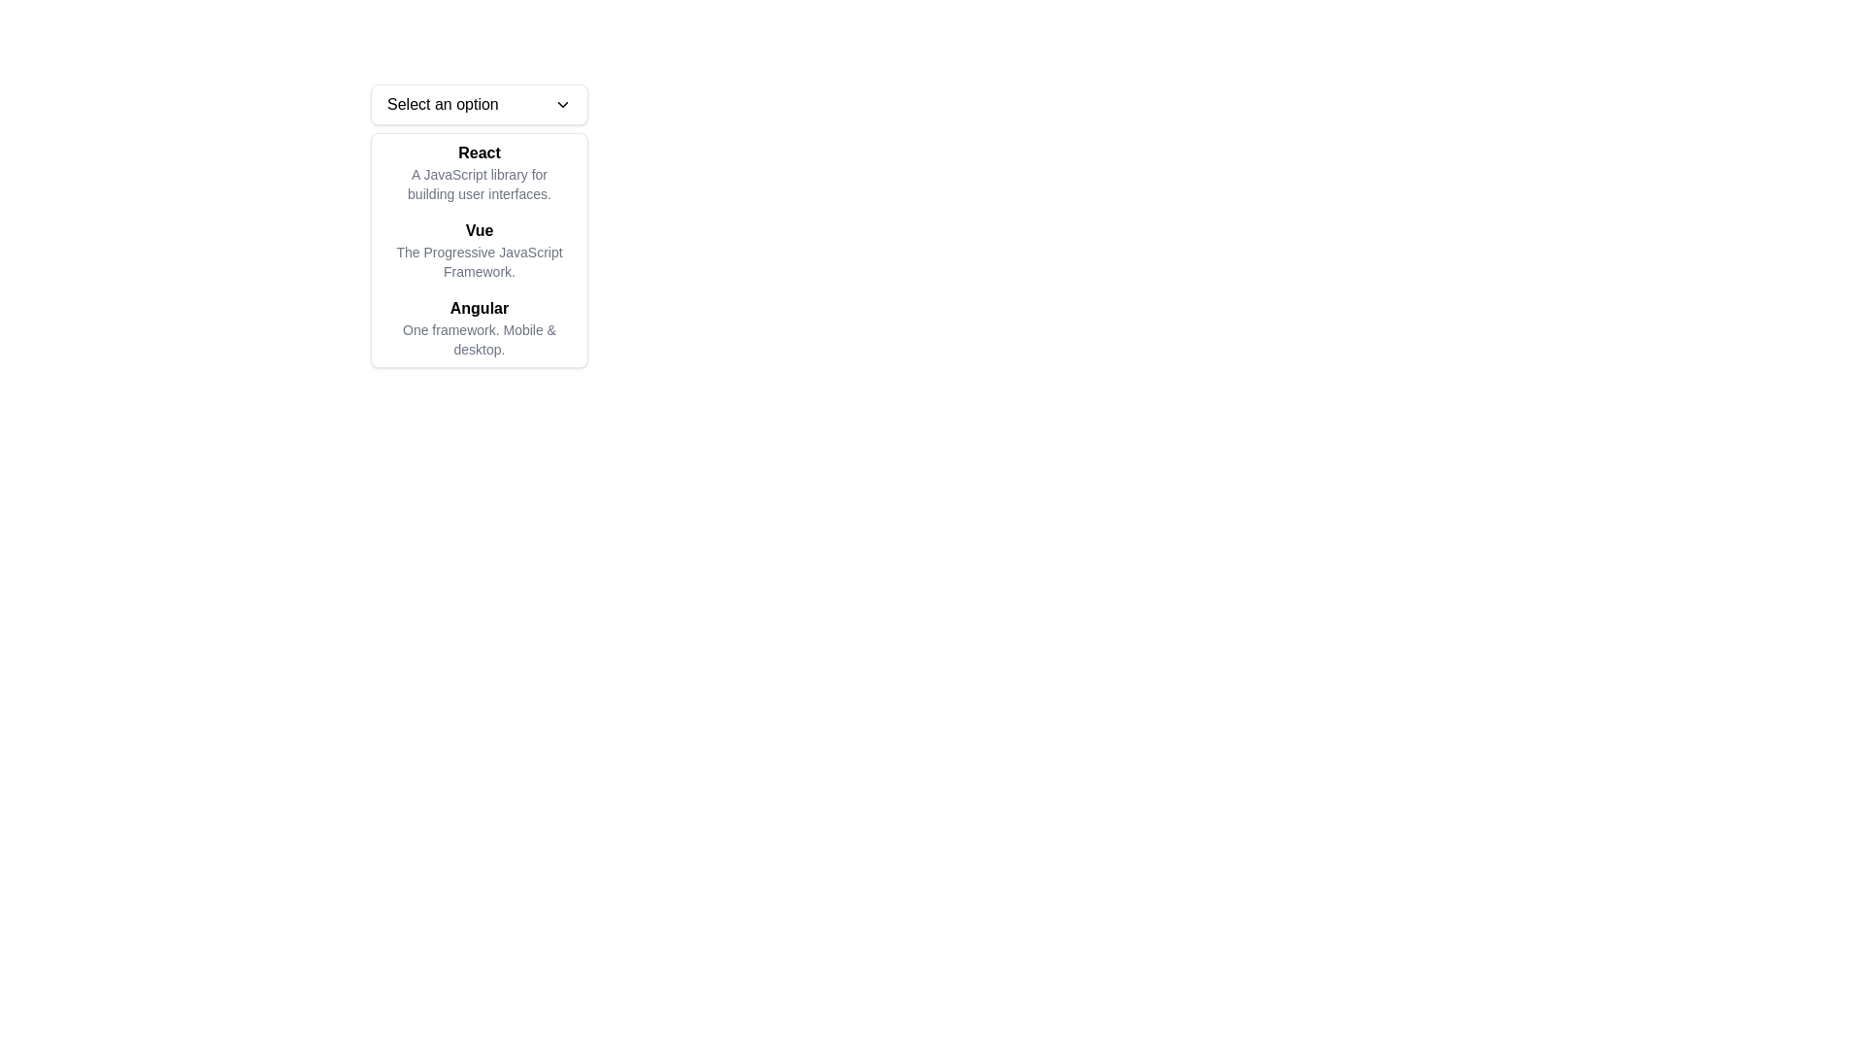  Describe the element at coordinates (480, 250) in the screenshot. I see `the individual row in the Informational List Panel` at that location.